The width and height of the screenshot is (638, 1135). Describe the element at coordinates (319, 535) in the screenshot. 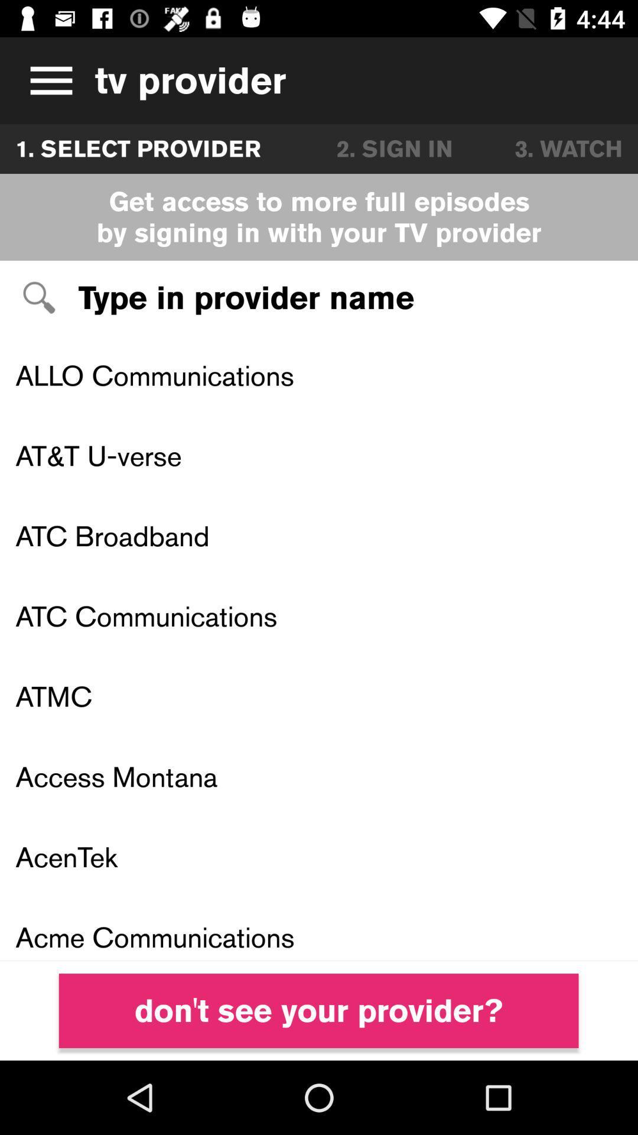

I see `atc broadband item` at that location.